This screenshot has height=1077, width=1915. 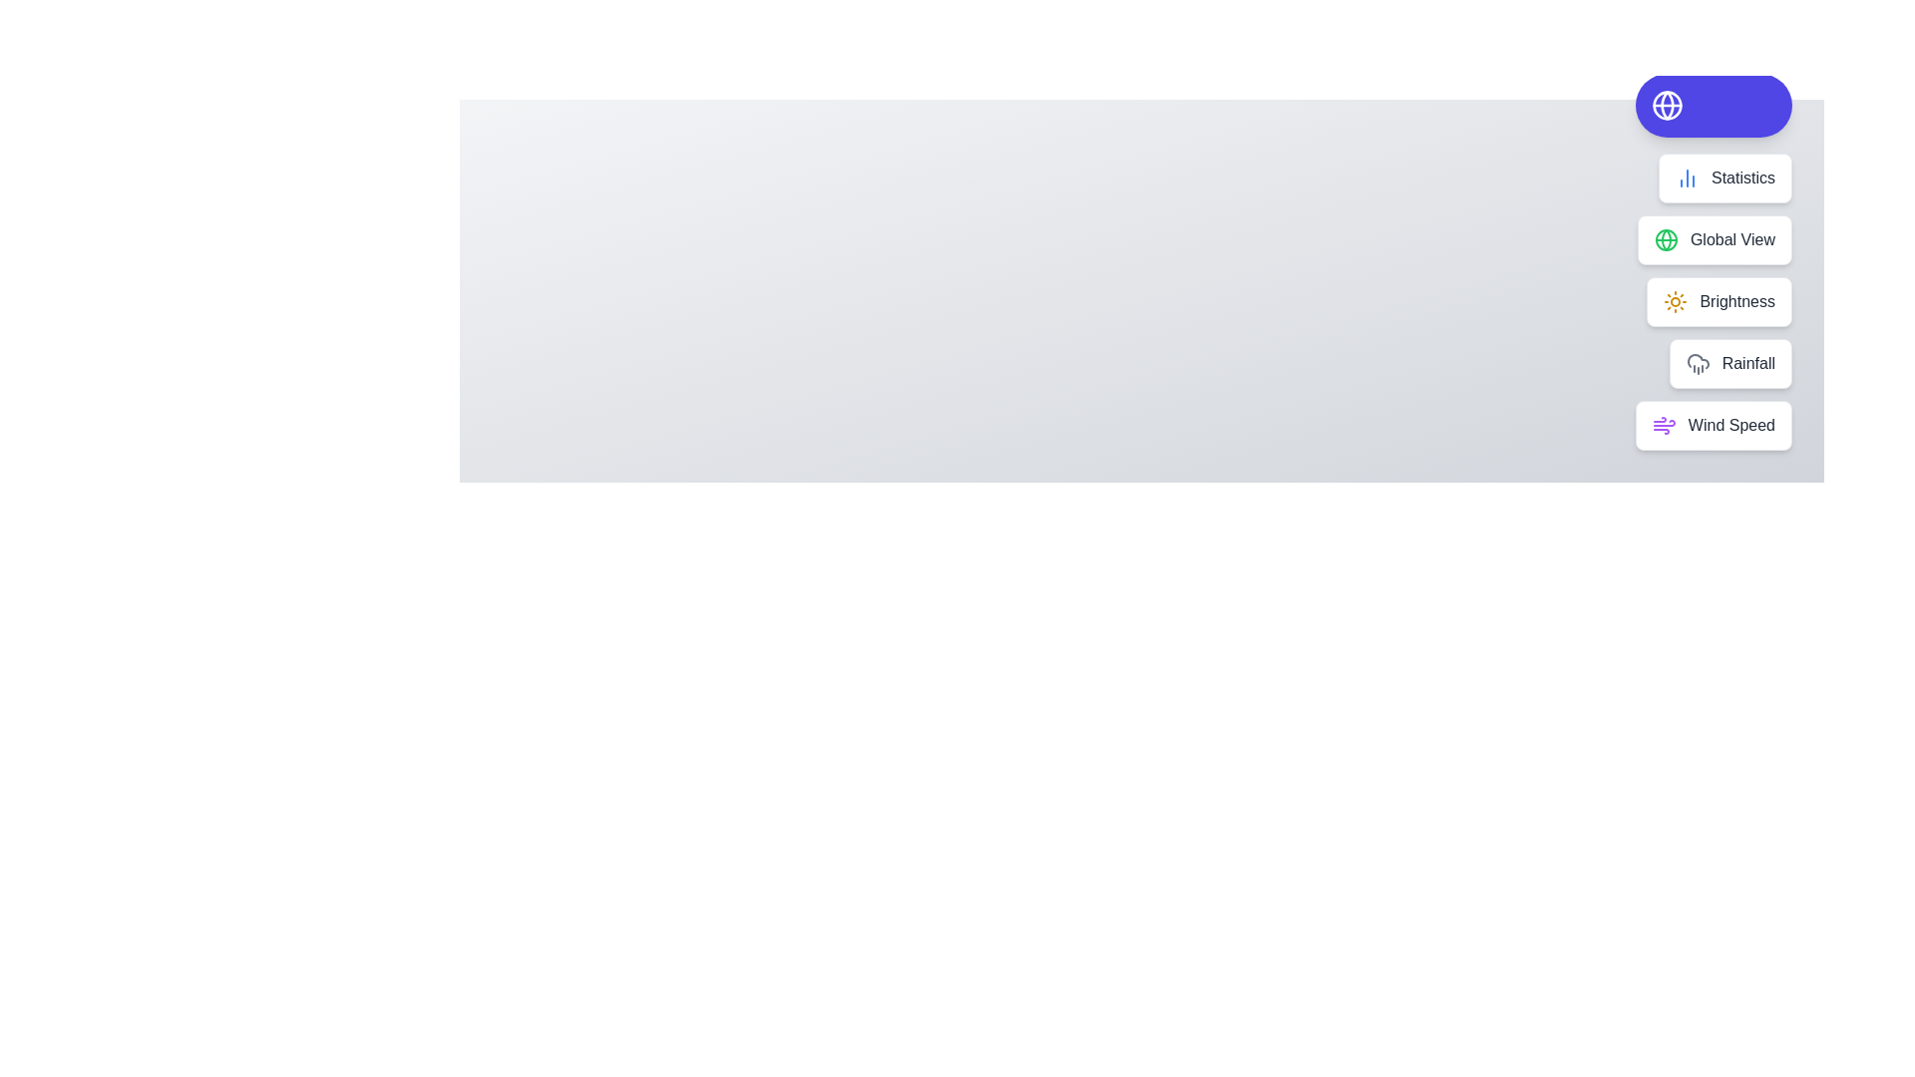 I want to click on the speed dial item corresponding to Wind Speed, so click(x=1713, y=425).